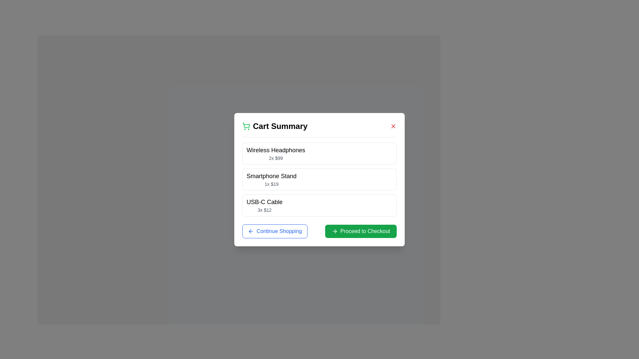 This screenshot has width=639, height=359. Describe the element at coordinates (319, 205) in the screenshot. I see `the static content display element showing 'USB-C Cable' and '3x $12' within the shopping cart interface` at that location.